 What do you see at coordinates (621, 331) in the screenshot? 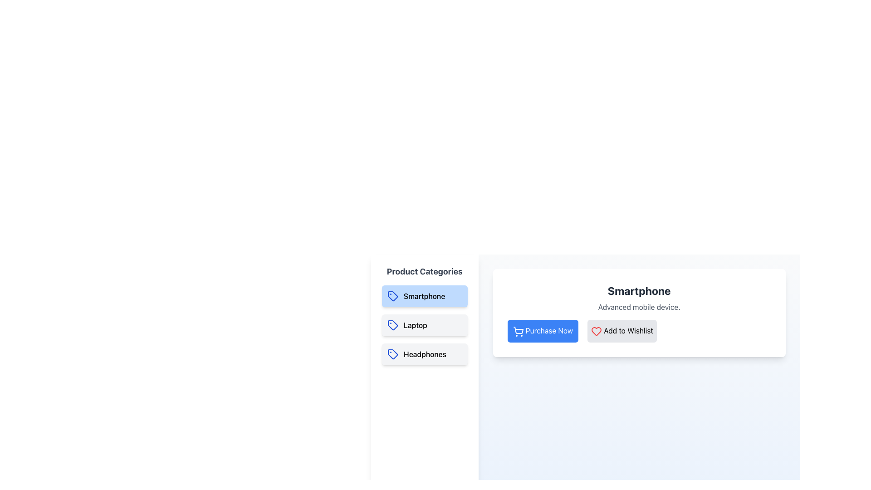
I see `the second button in the horizontally-aligned pair of buttons within the white card` at bounding box center [621, 331].